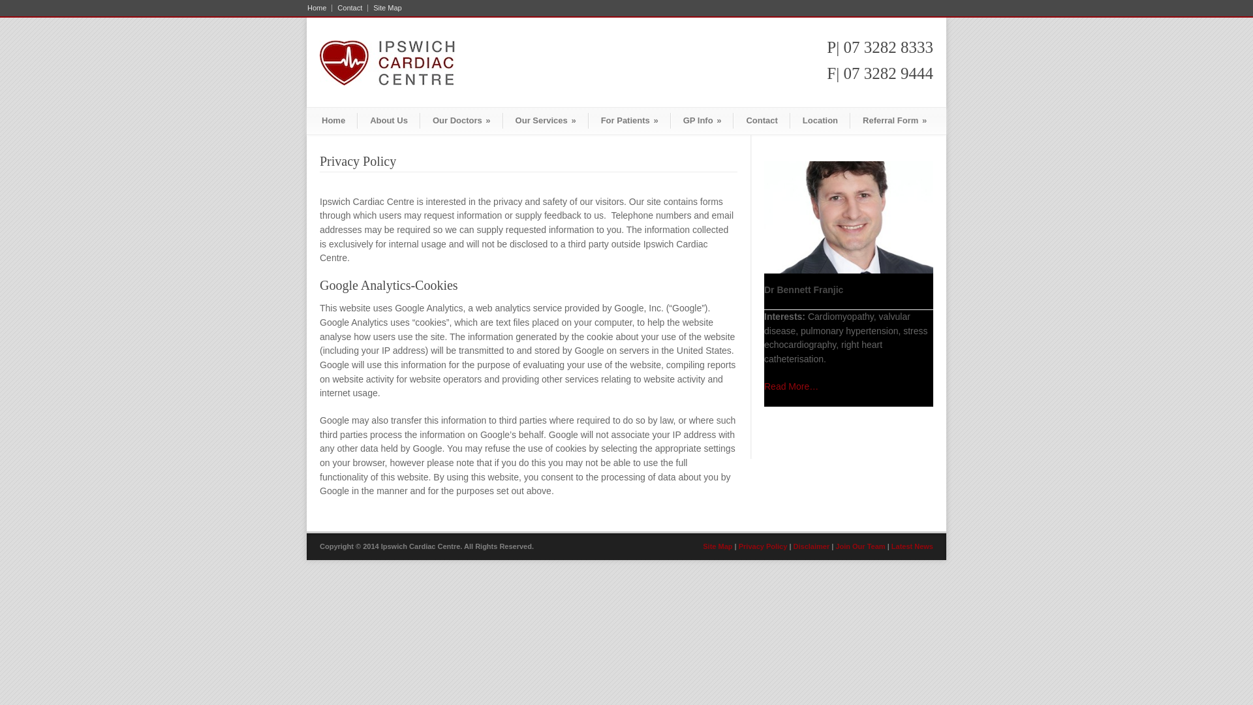 This screenshot has width=1253, height=705. I want to click on 'Latest News', so click(891, 546).